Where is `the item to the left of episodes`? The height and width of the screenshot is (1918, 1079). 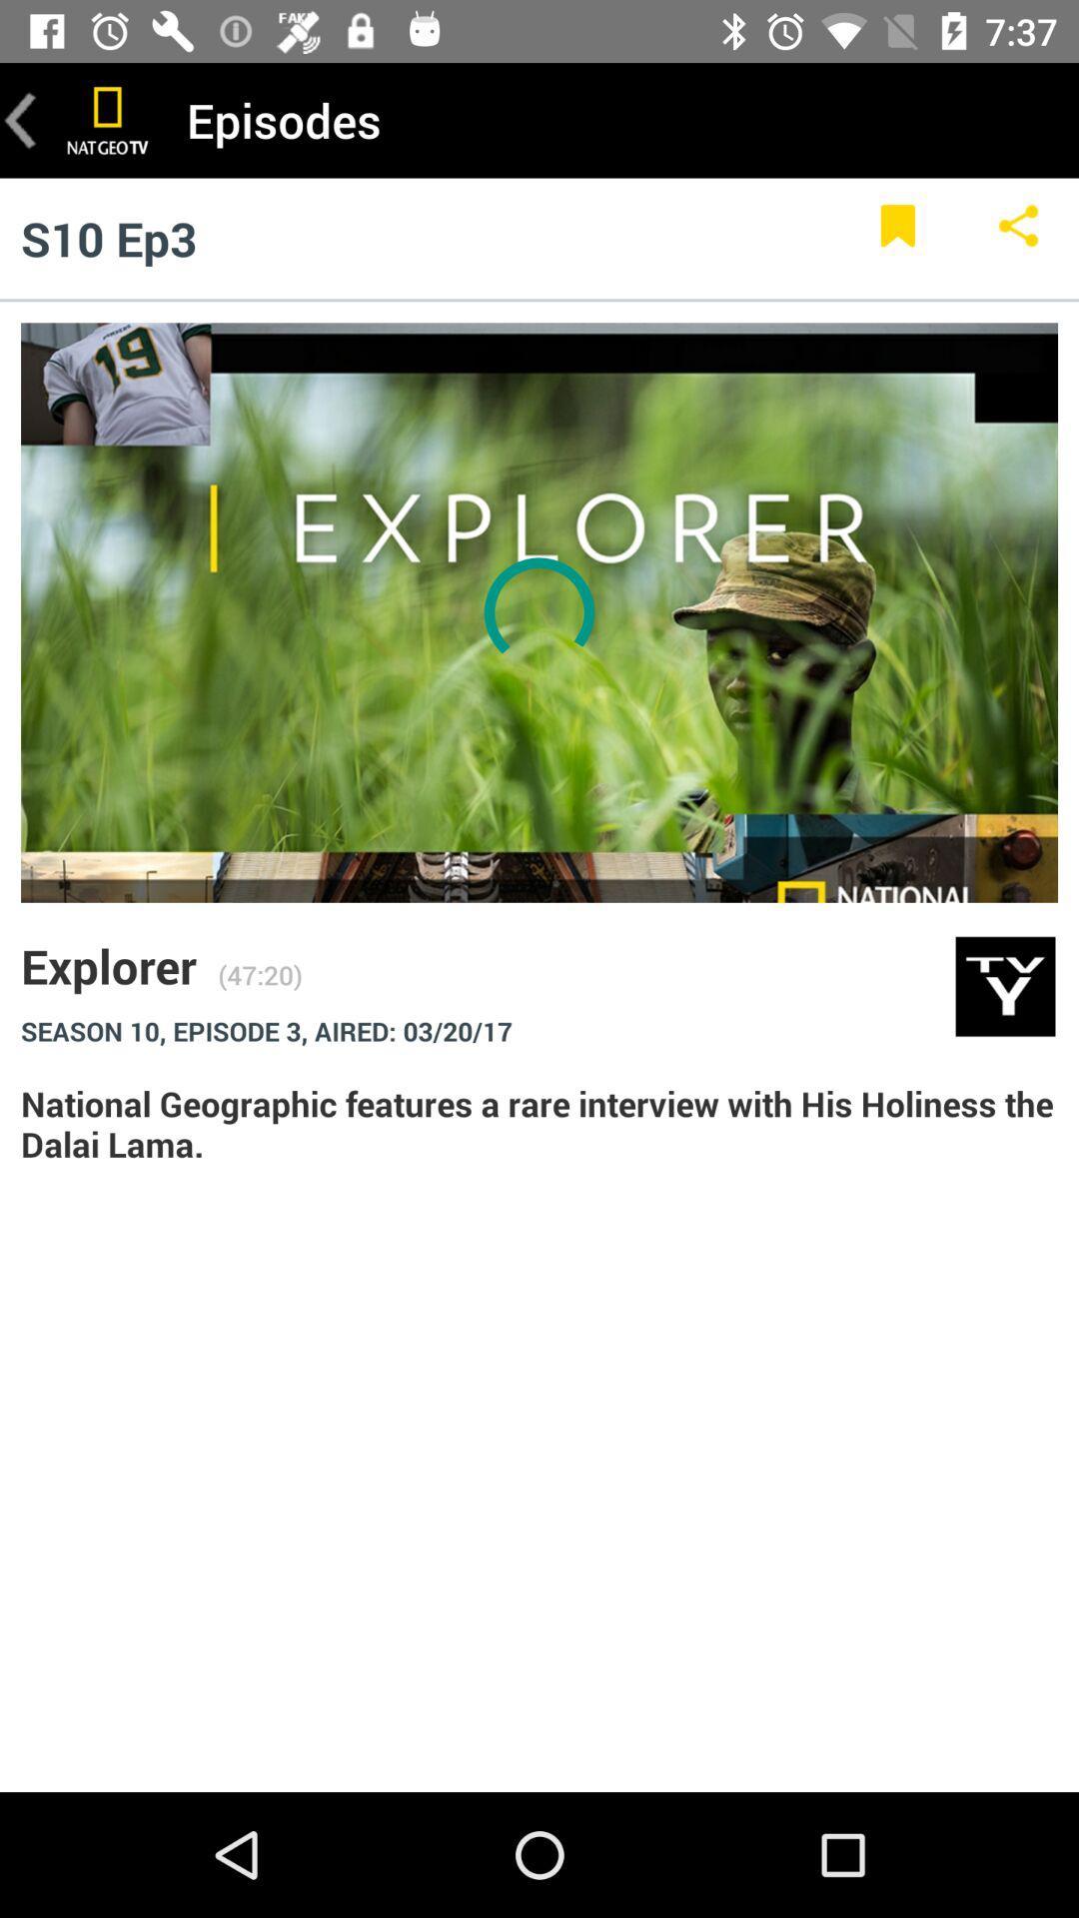 the item to the left of episodes is located at coordinates (108, 119).